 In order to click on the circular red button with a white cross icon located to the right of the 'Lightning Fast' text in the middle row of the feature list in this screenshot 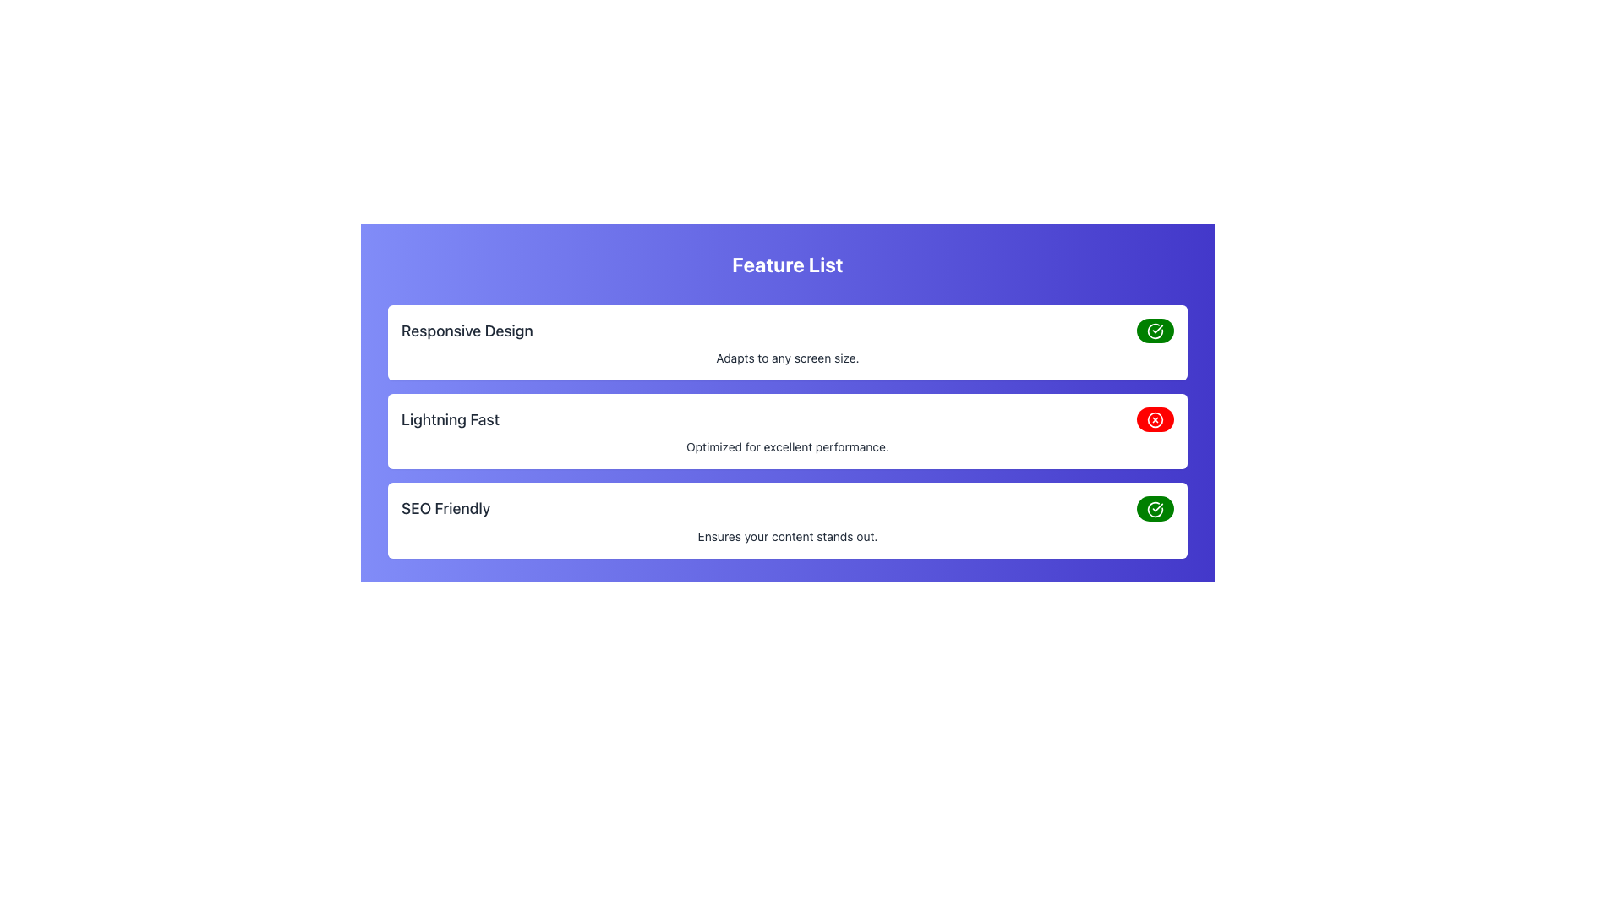, I will do `click(1155, 418)`.